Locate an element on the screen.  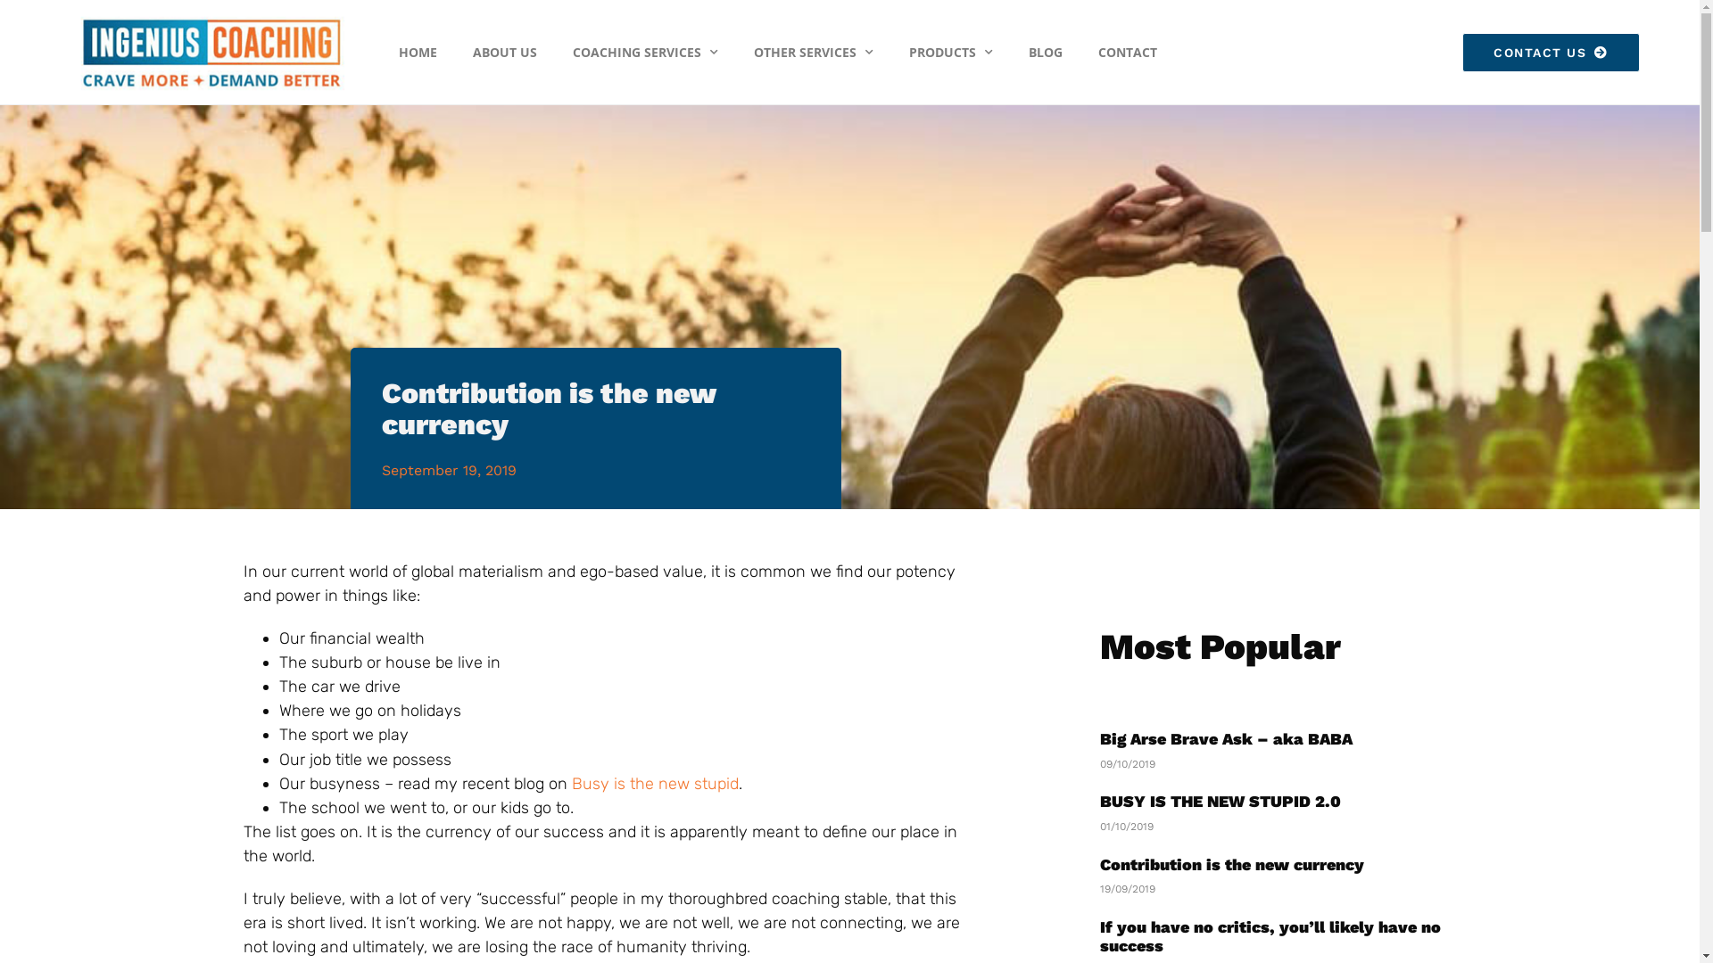
'HOME' is located at coordinates (417, 51).